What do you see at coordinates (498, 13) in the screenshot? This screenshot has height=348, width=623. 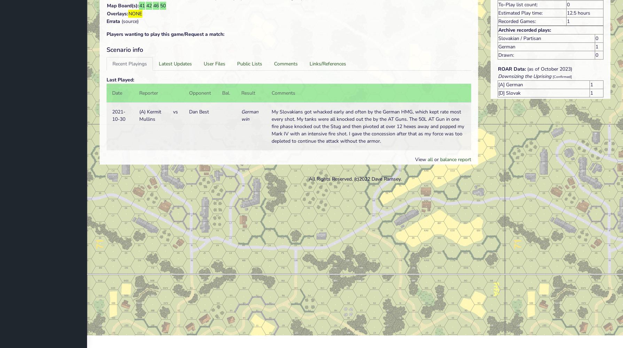 I see `'Estimated Play time:'` at bounding box center [498, 13].